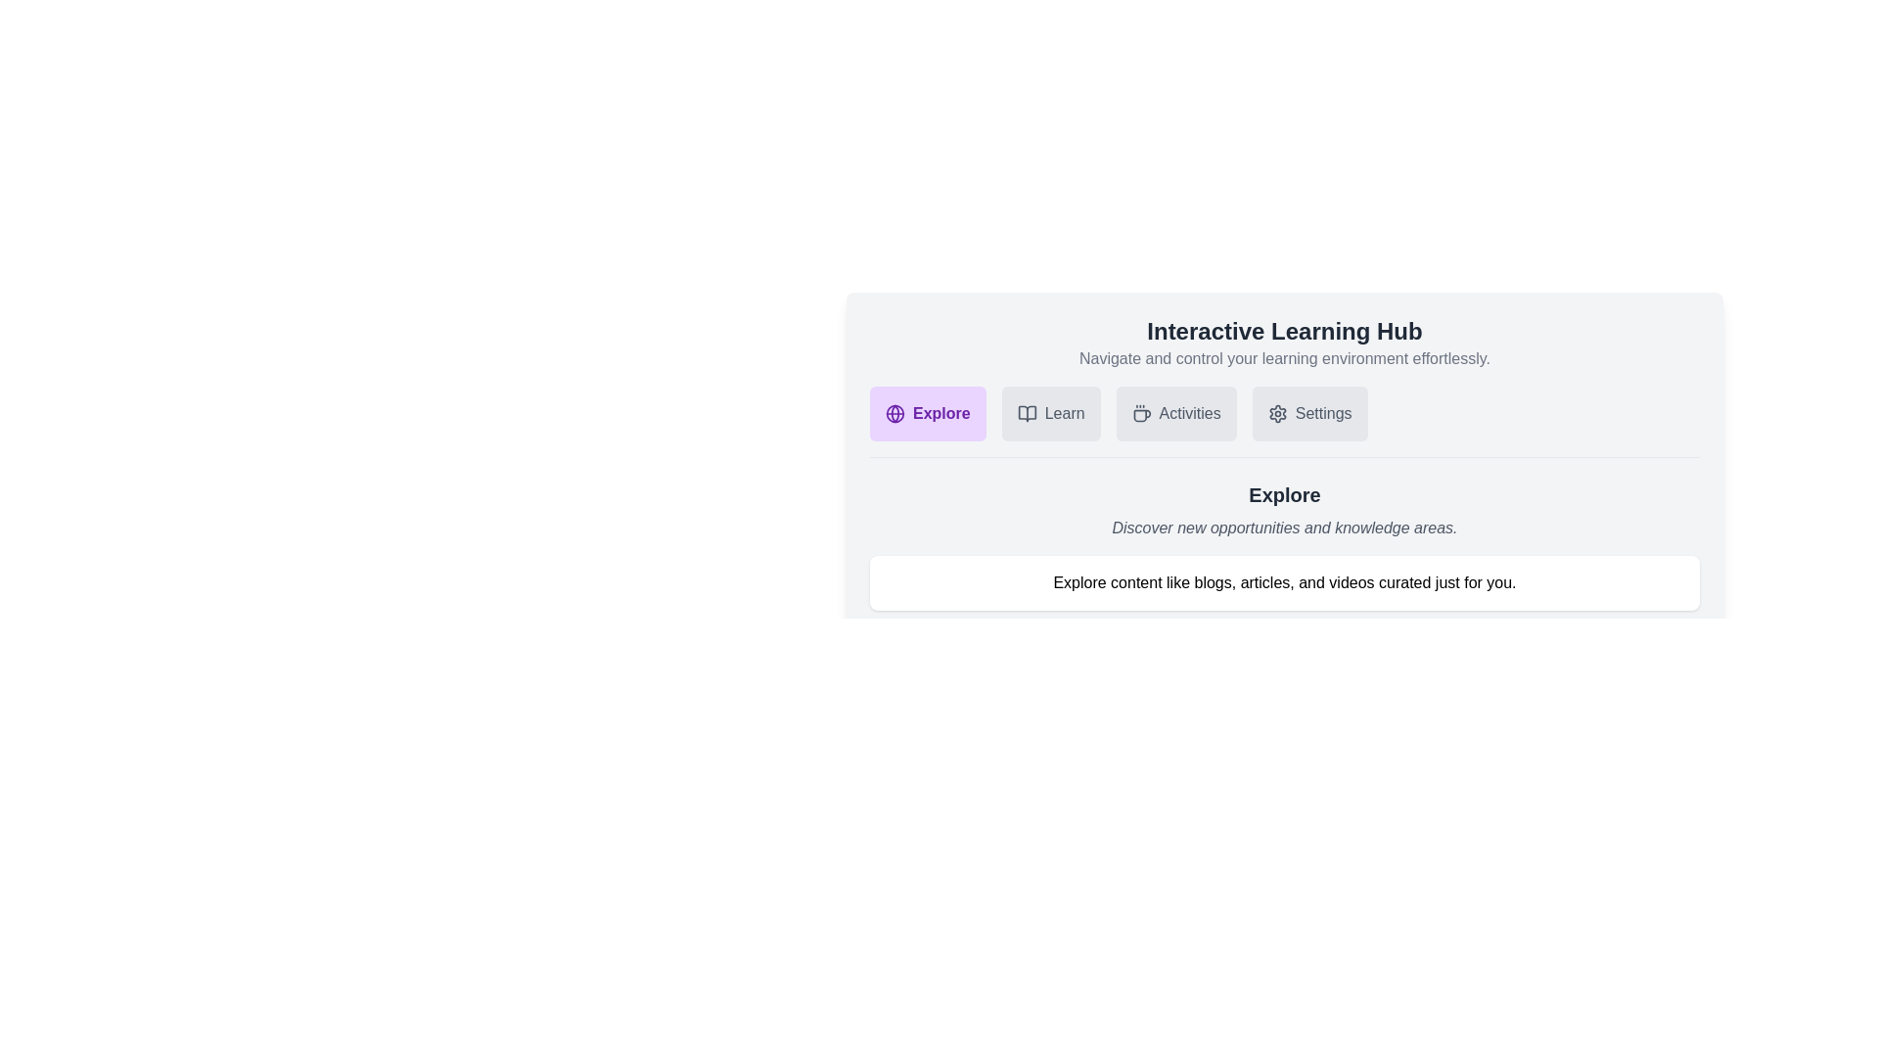  What do you see at coordinates (1175, 413) in the screenshot?
I see `the 'Activities' button, which is a rectangular button with a soft gray background, an icon of a steaming coffee cup on the left, and the text 'Activities' in gray on the right, positioned in the horizontal navigation bar` at bounding box center [1175, 413].